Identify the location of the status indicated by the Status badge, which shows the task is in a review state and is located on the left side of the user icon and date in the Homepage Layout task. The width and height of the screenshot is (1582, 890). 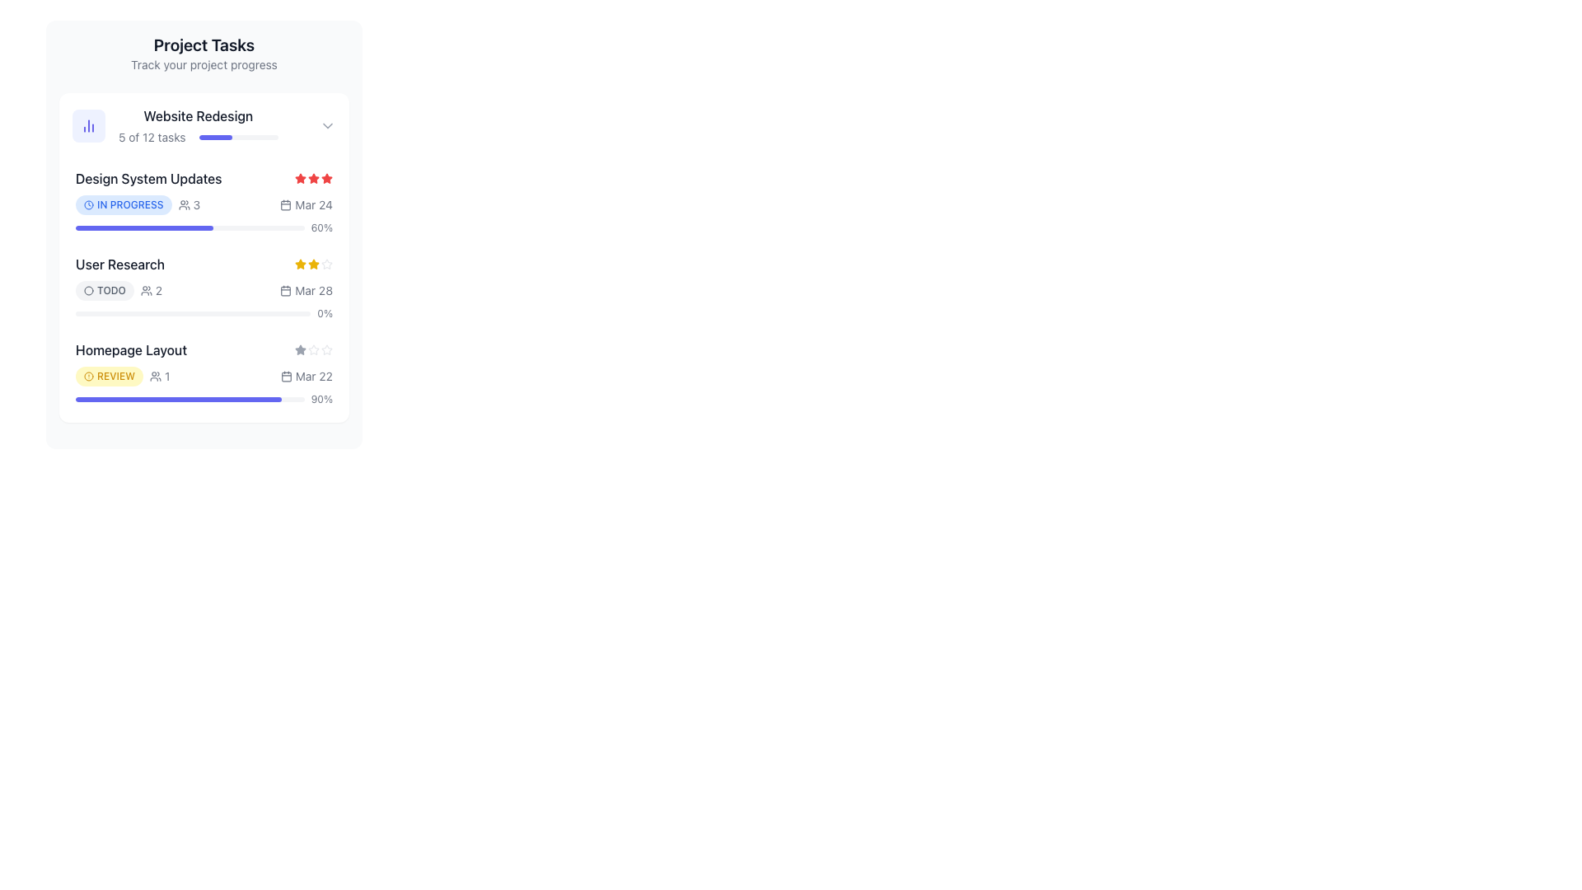
(109, 376).